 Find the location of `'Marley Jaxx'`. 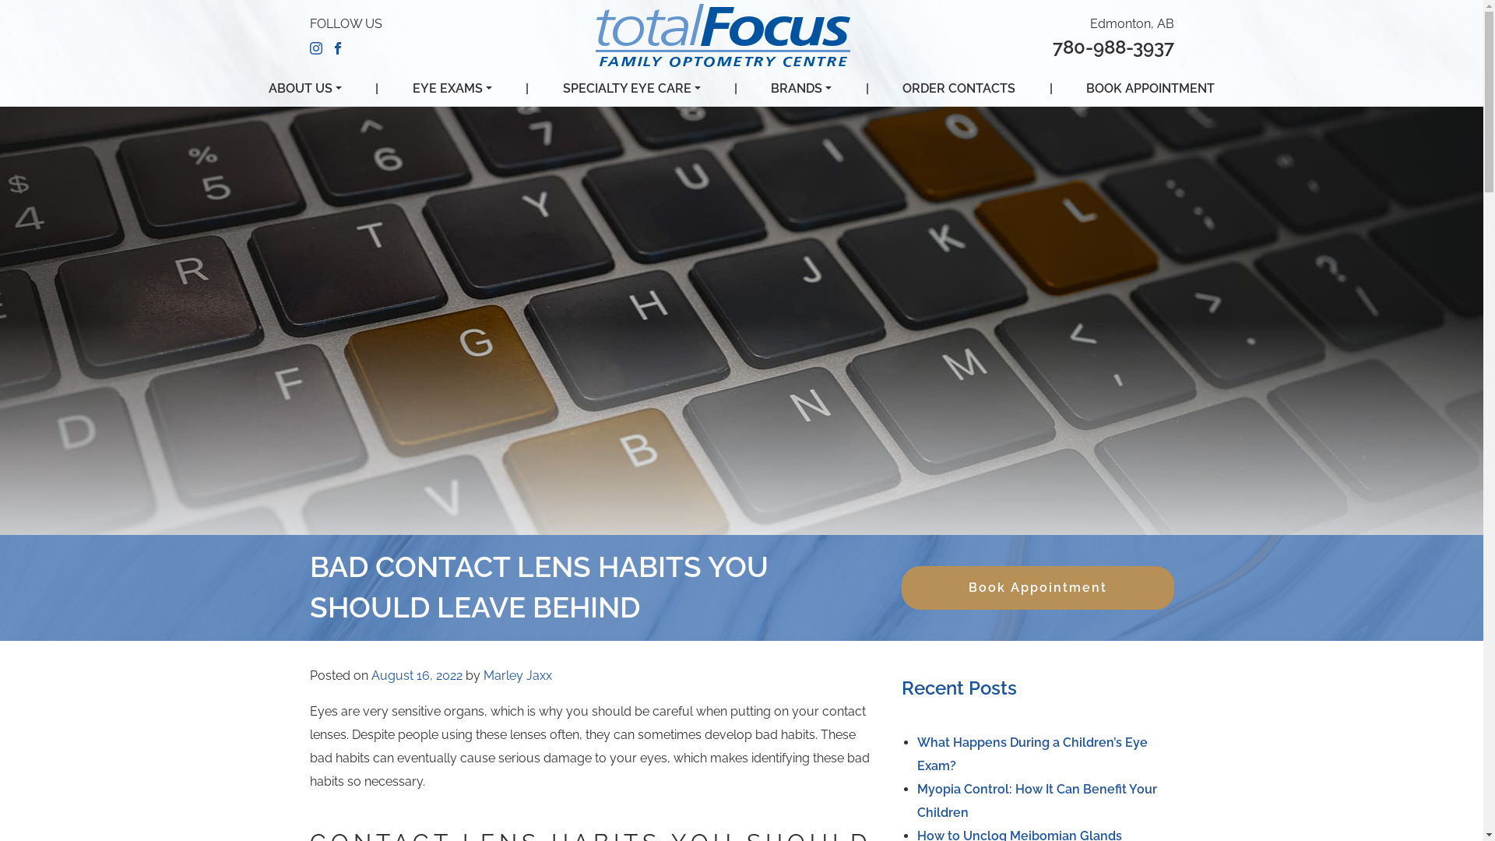

'Marley Jaxx' is located at coordinates (516, 674).